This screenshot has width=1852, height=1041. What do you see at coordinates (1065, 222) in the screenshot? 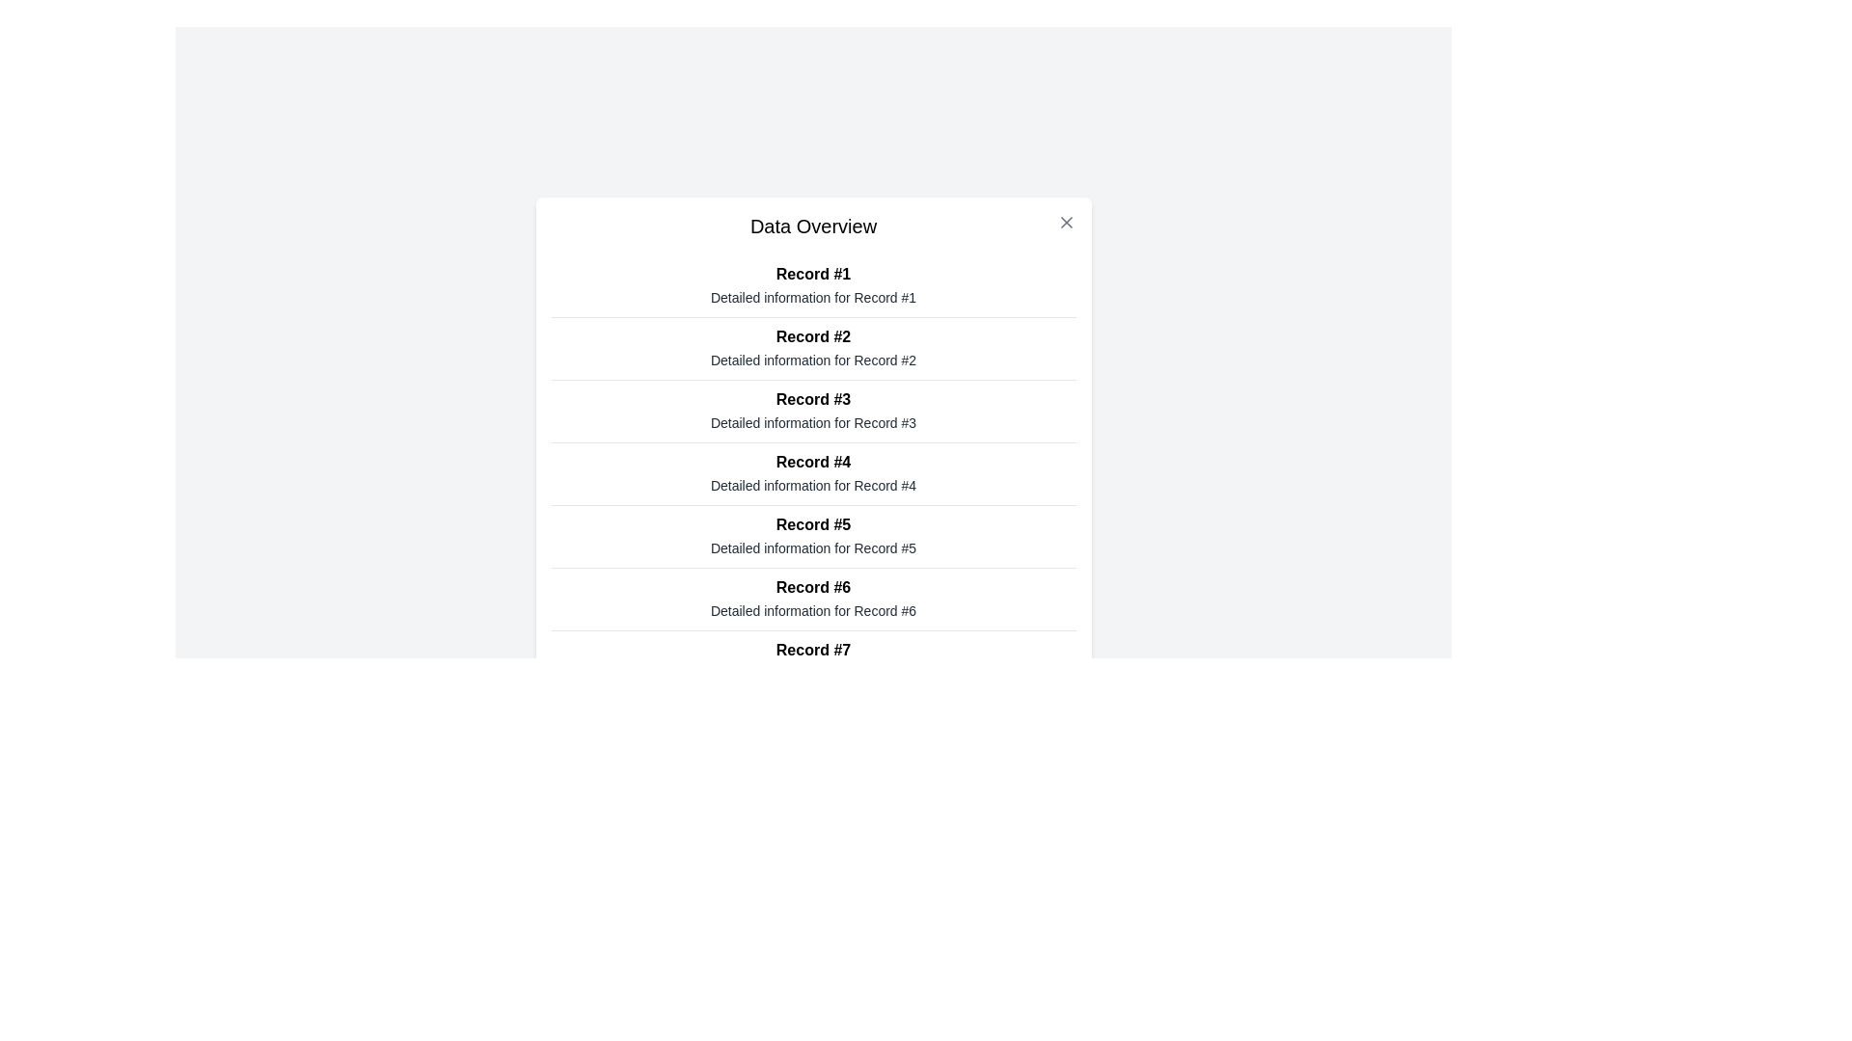
I see `close button at the top-right corner of the dialog to close it` at bounding box center [1065, 222].